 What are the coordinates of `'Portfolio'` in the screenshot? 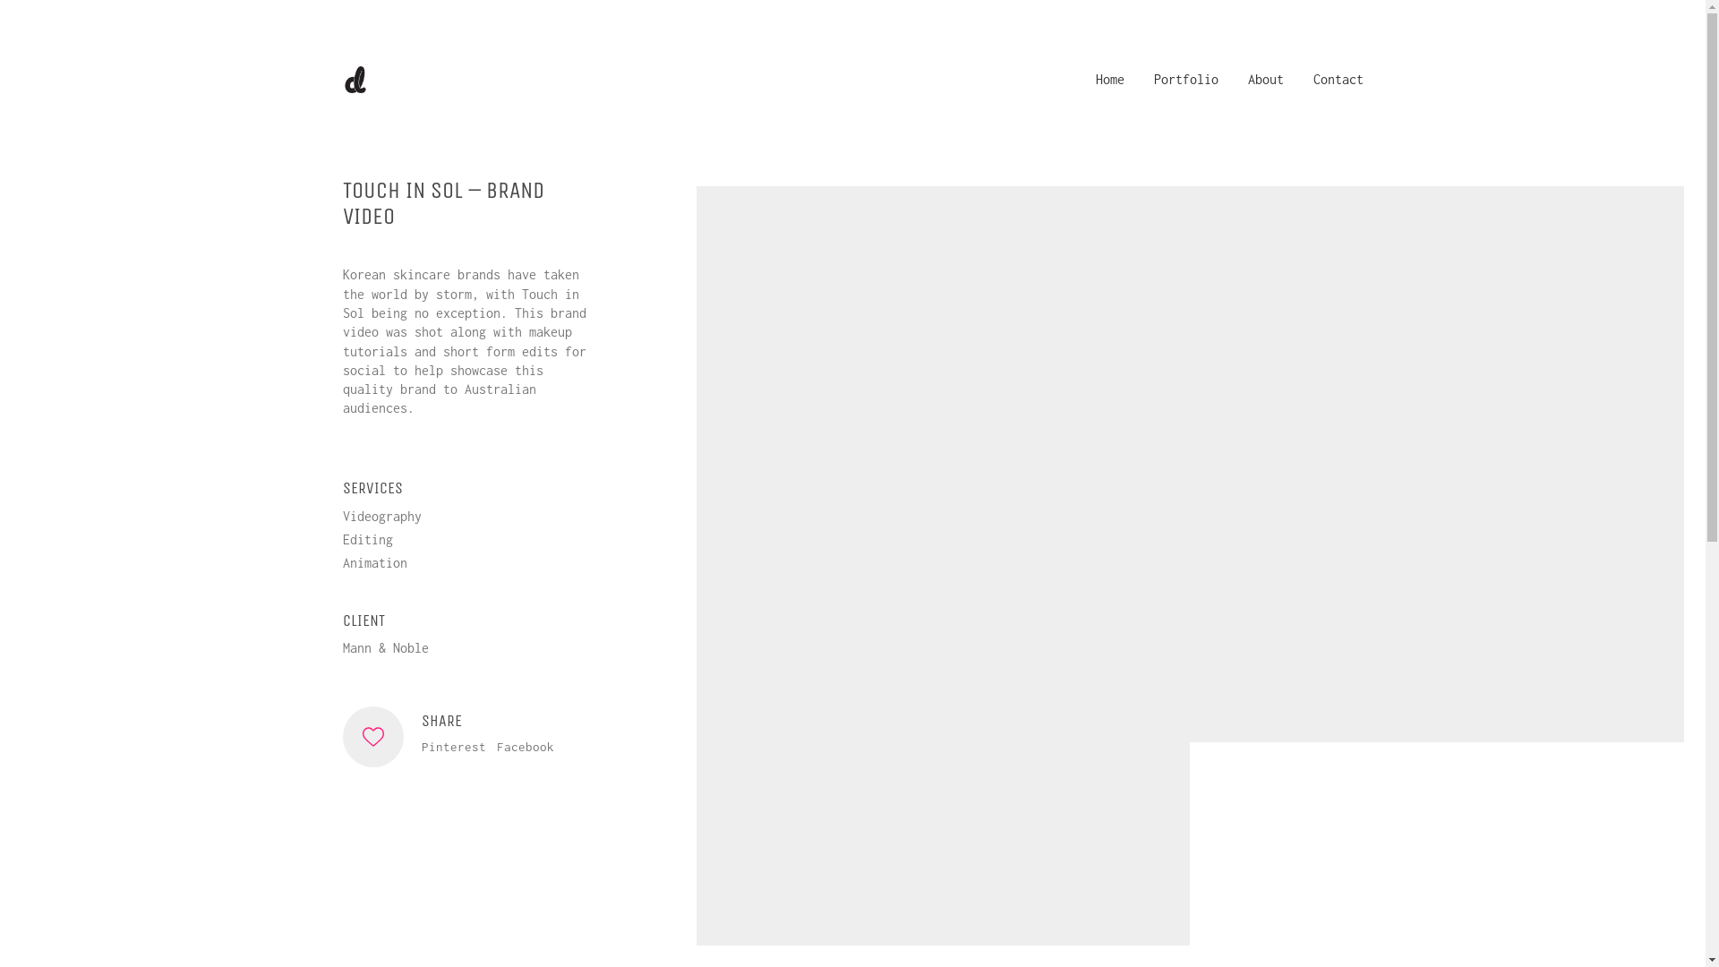 It's located at (1185, 78).